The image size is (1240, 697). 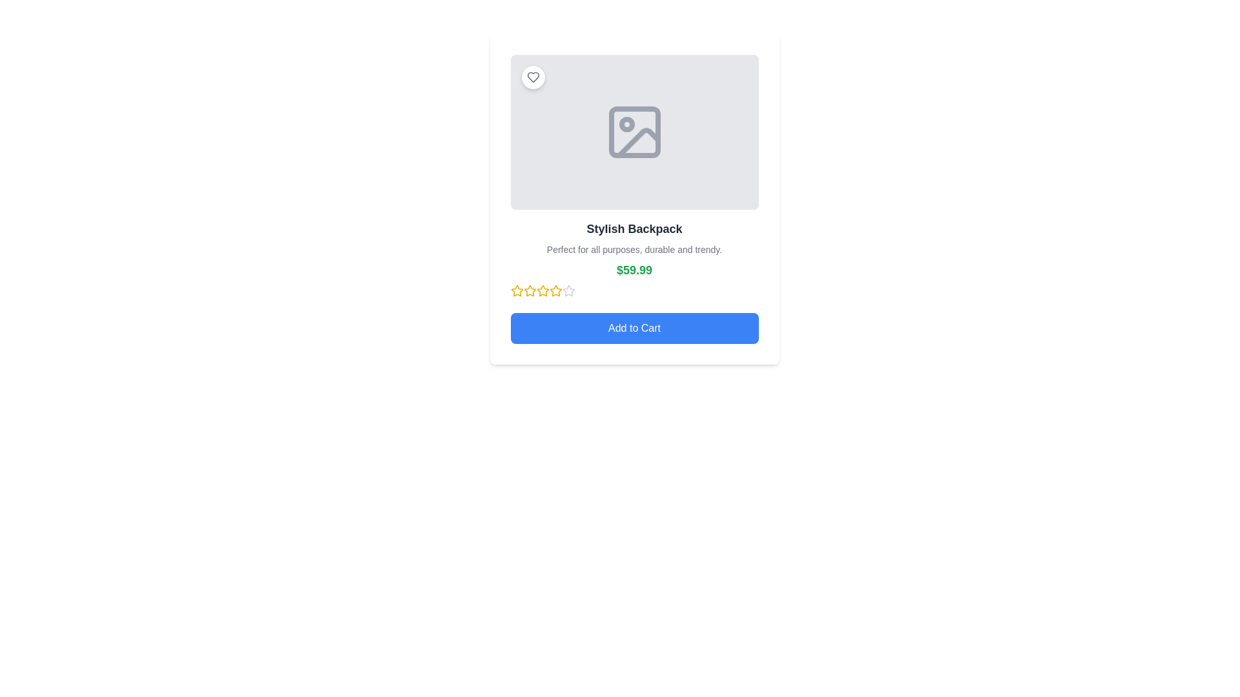 What do you see at coordinates (634, 270) in the screenshot?
I see `the text display showing the price of the product in the card` at bounding box center [634, 270].